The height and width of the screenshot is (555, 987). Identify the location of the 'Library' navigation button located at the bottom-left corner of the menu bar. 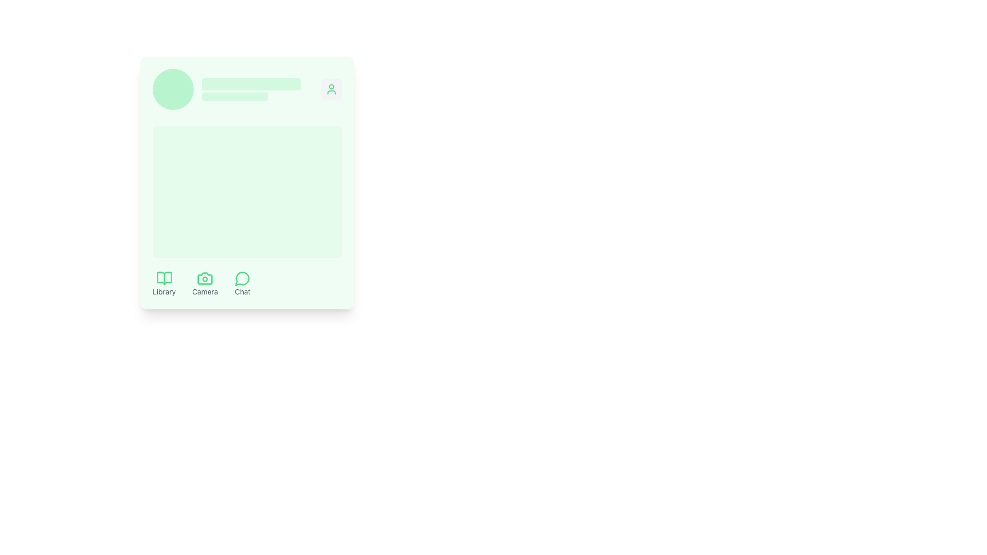
(163, 283).